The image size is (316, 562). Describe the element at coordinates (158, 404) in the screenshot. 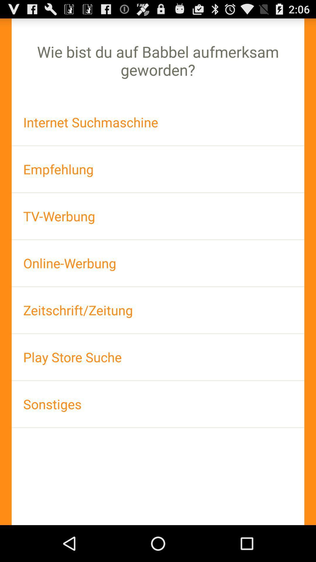

I see `the sonstiges app` at that location.